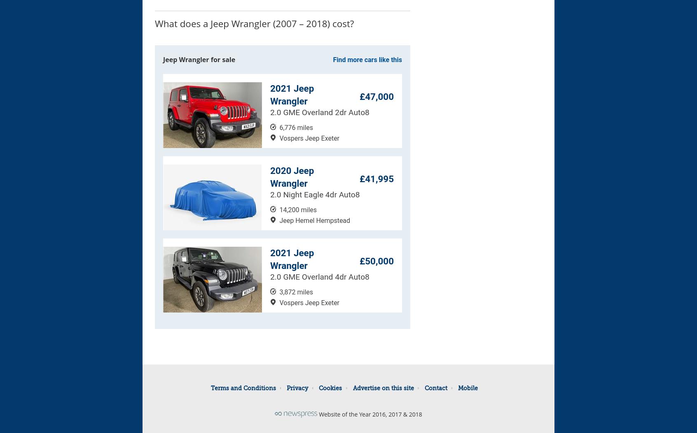 The height and width of the screenshot is (433, 697). I want to click on 'Terms and Conditions', so click(243, 388).